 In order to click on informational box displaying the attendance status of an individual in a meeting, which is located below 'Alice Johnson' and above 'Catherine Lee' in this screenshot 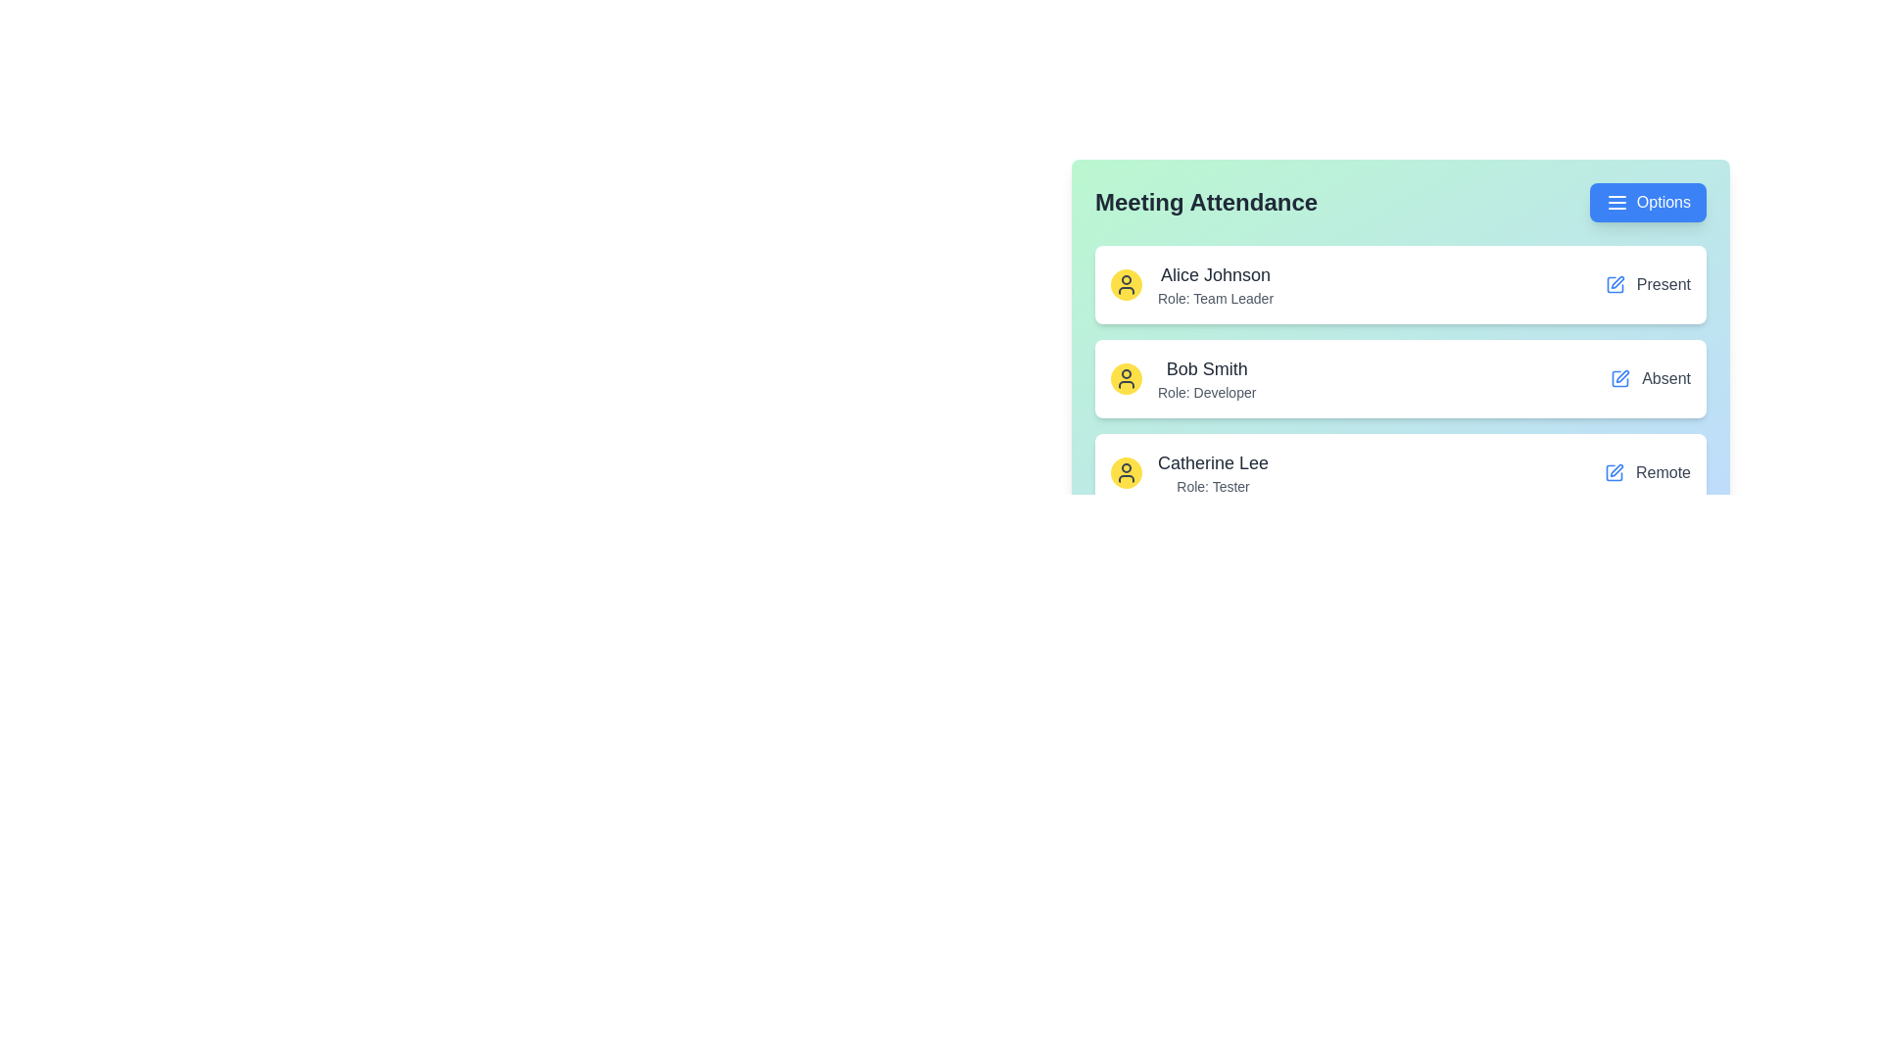, I will do `click(1400, 346)`.